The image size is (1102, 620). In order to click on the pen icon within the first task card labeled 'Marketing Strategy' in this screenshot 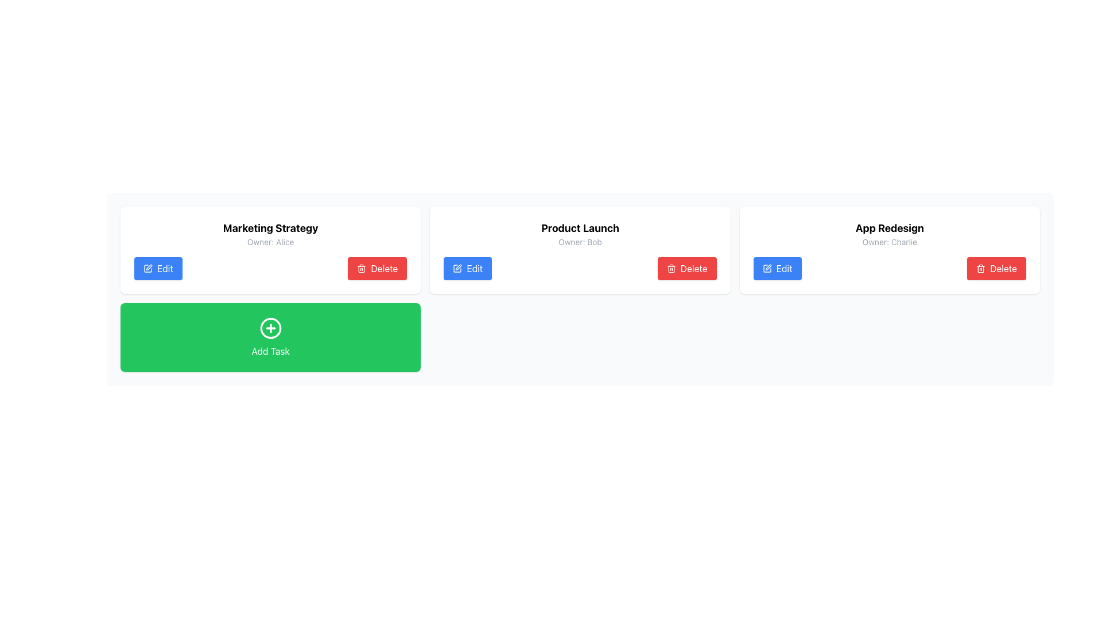, I will do `click(148, 268)`.